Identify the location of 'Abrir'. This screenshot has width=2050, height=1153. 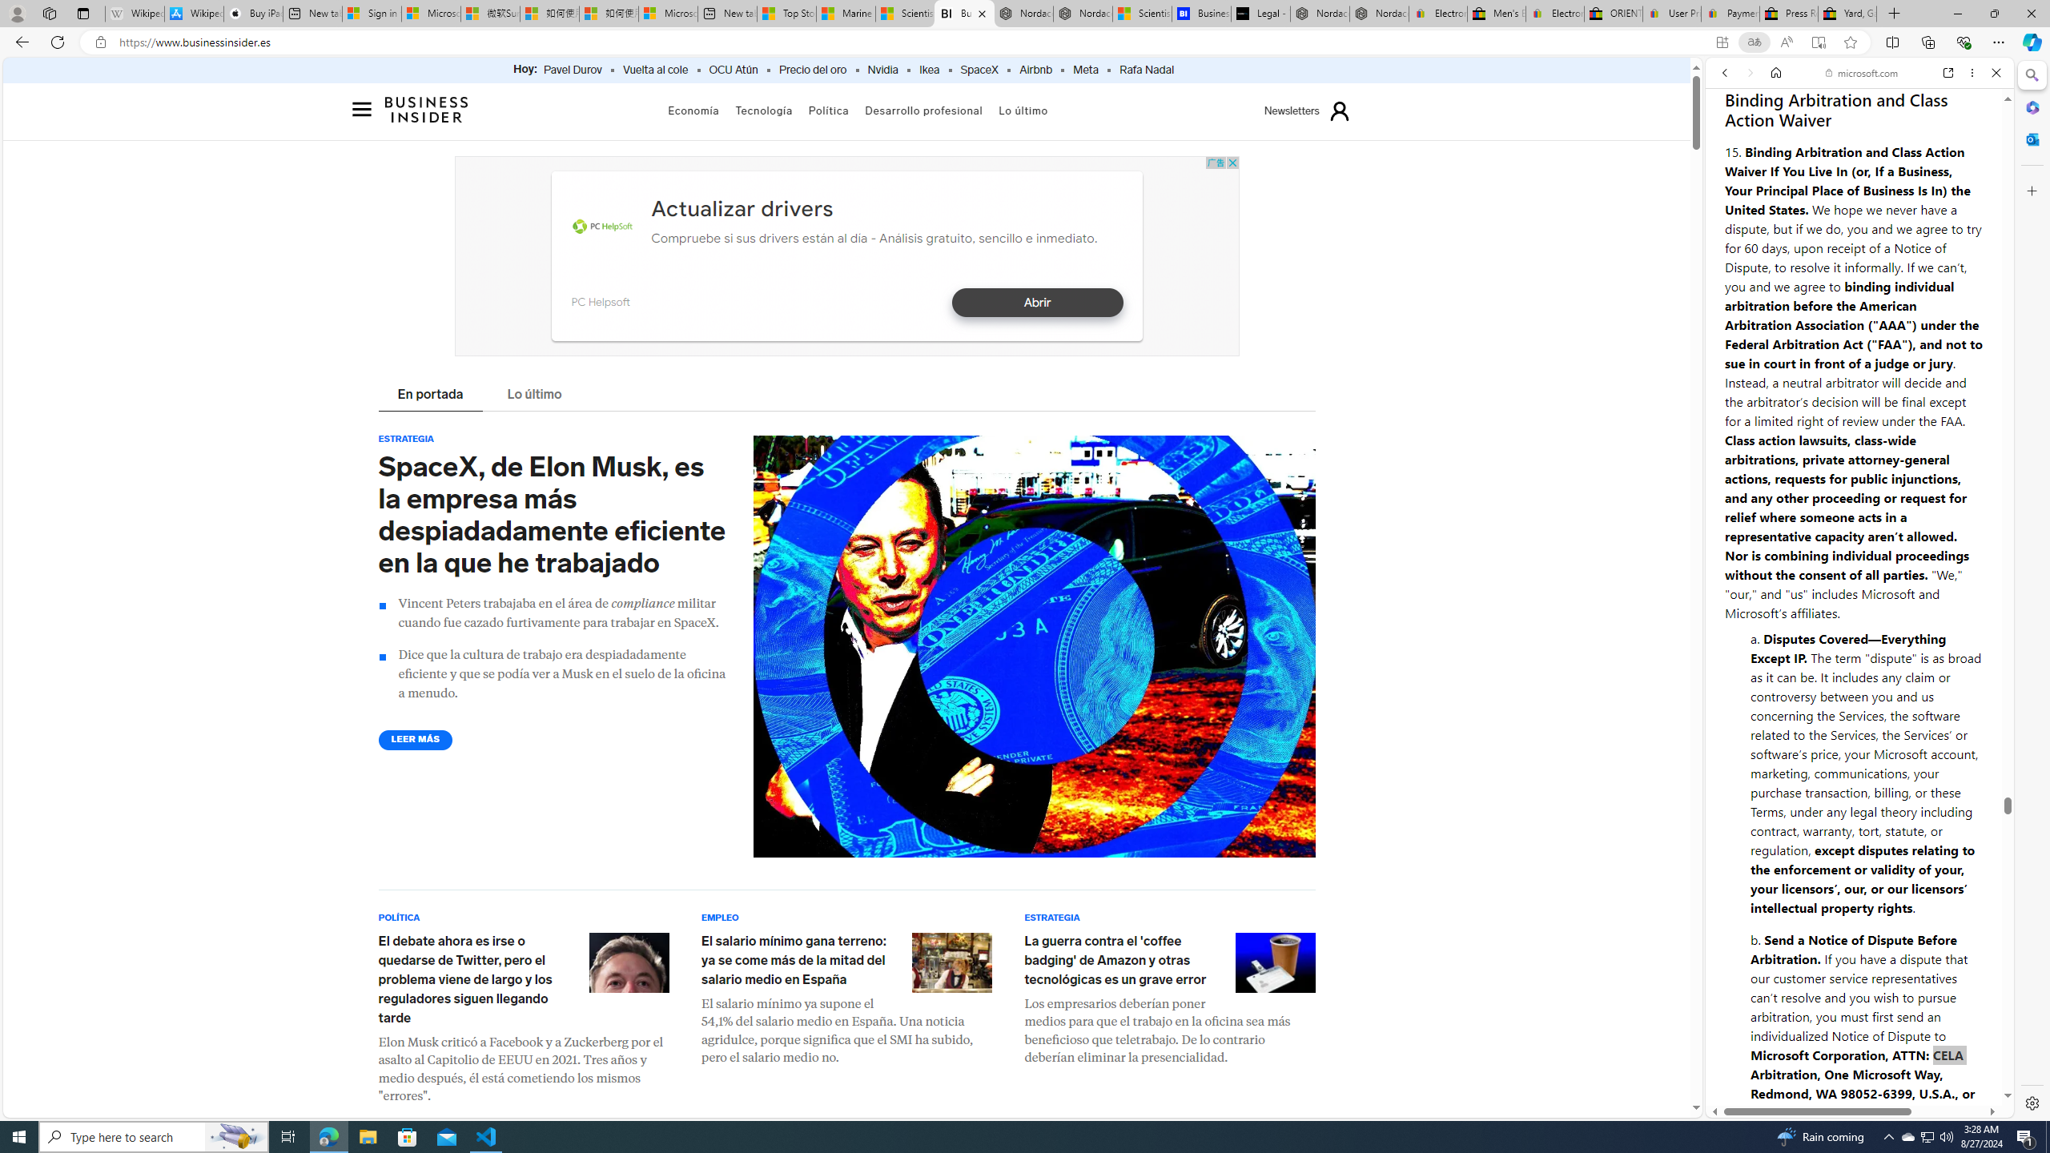
(1037, 303).